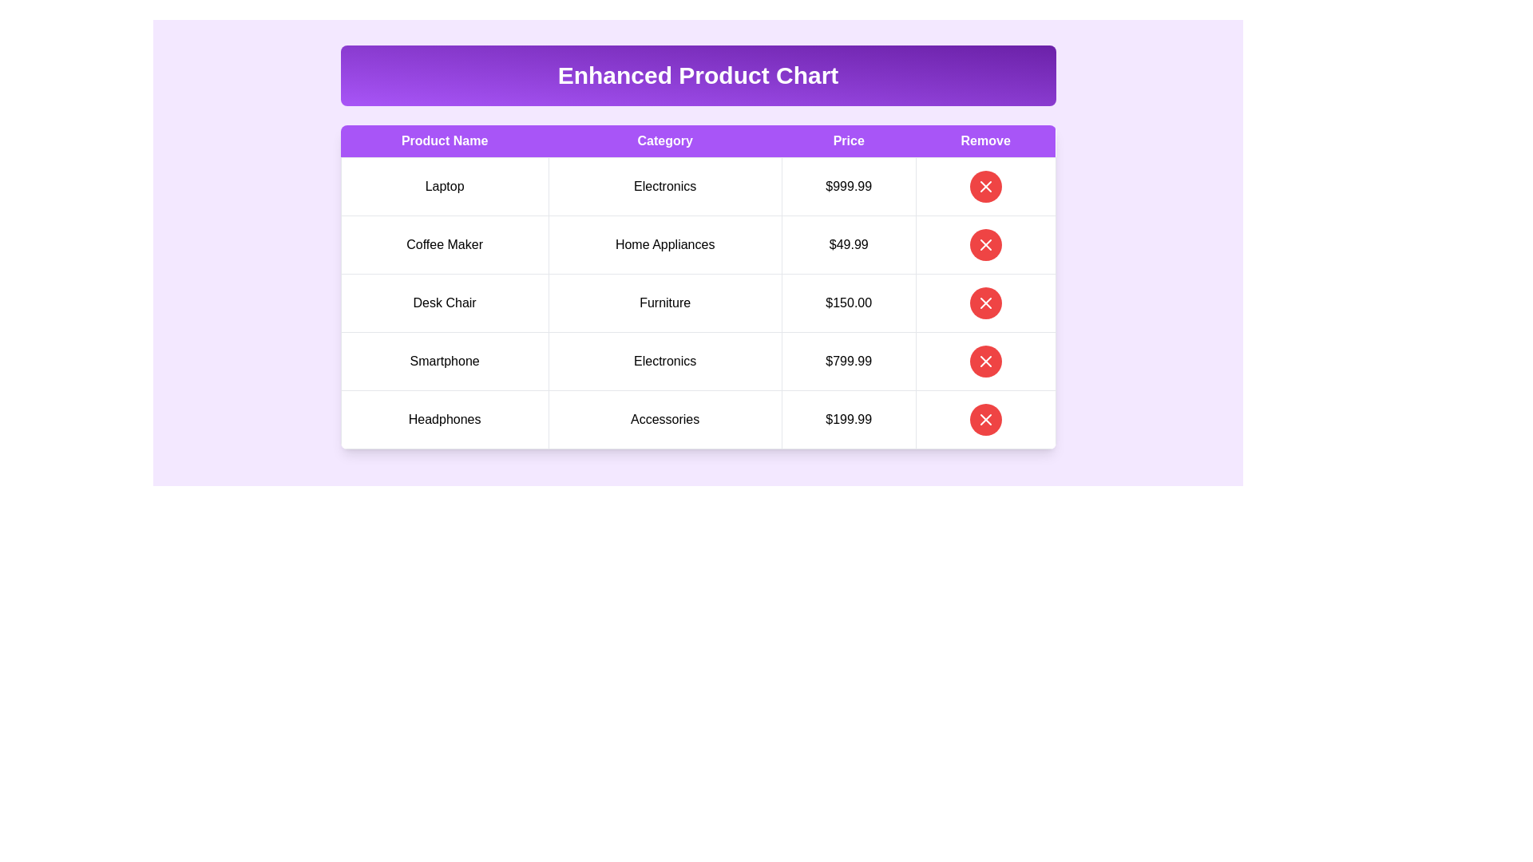  Describe the element at coordinates (984, 186) in the screenshot. I see `the white 'X' icon button inside the circular red button located in the 'Remove' column of the product list table for the first row item 'Laptop'` at that location.